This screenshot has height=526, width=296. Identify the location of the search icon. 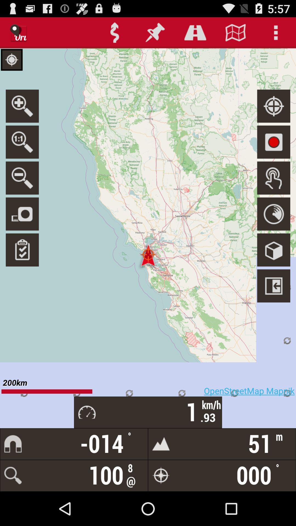
(22, 113).